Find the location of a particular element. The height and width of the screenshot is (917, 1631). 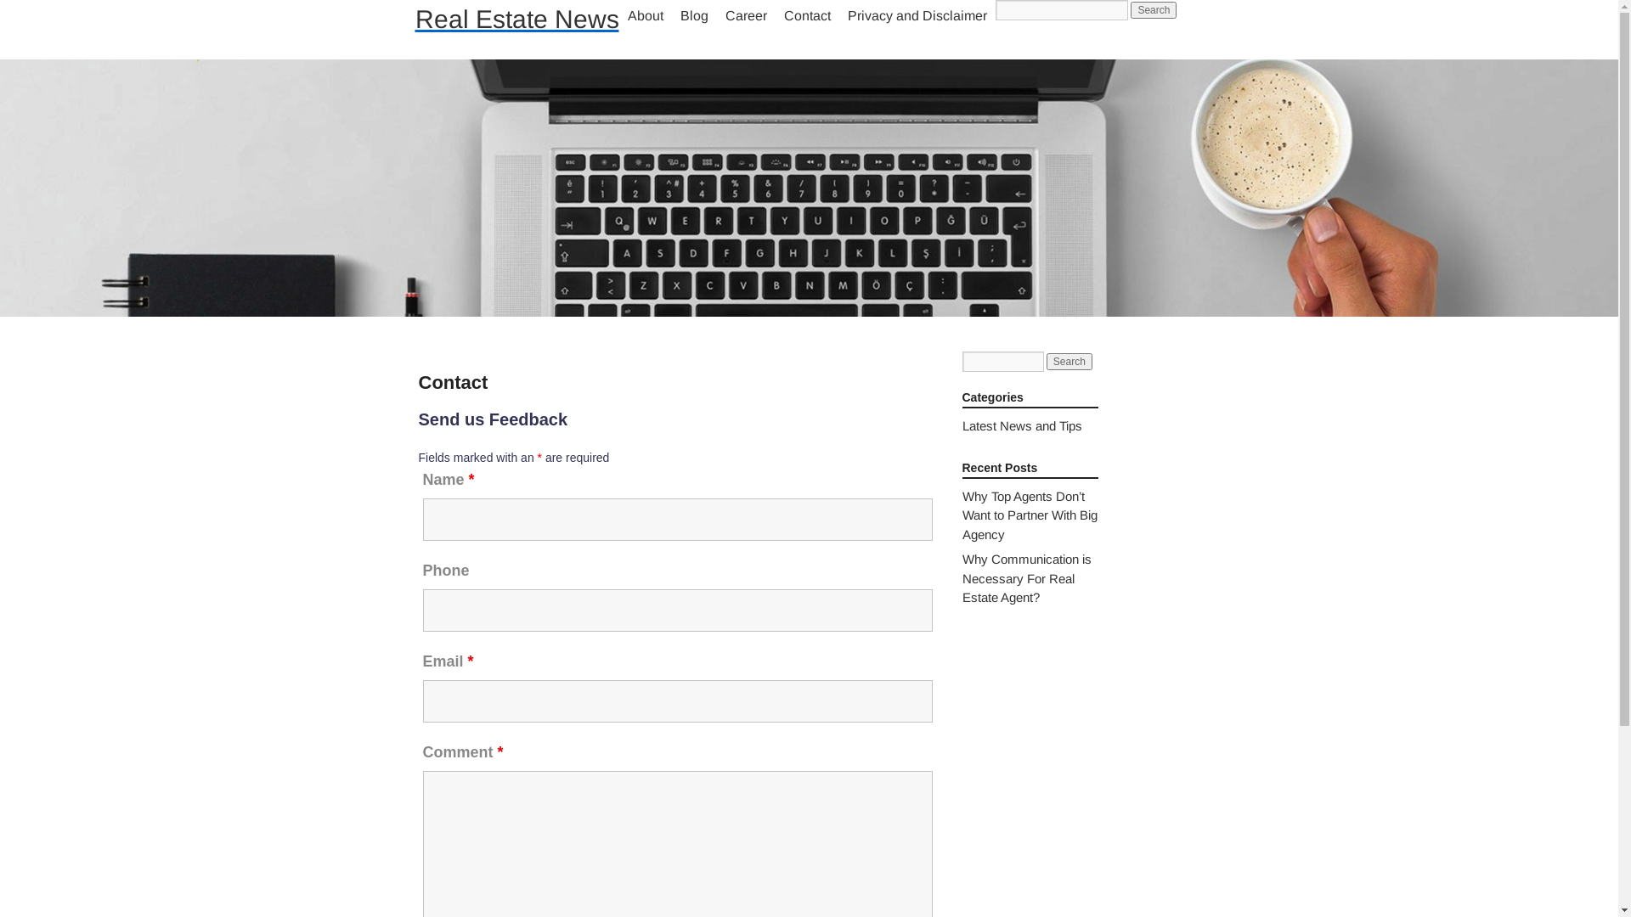

'About' is located at coordinates (643, 16).